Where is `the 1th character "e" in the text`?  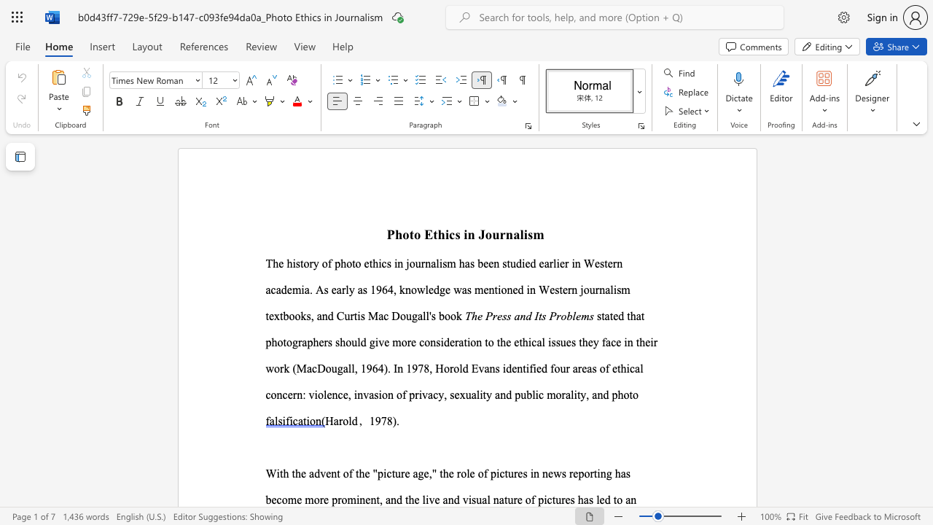
the 1th character "e" in the text is located at coordinates (514, 367).